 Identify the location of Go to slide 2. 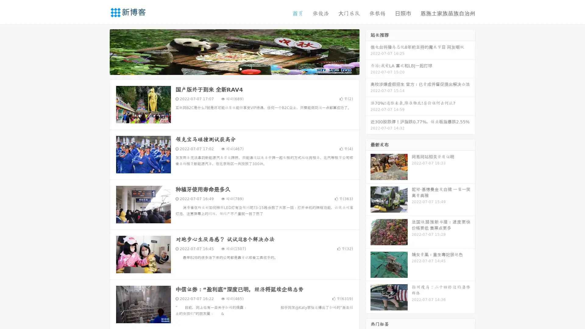
(234, 69).